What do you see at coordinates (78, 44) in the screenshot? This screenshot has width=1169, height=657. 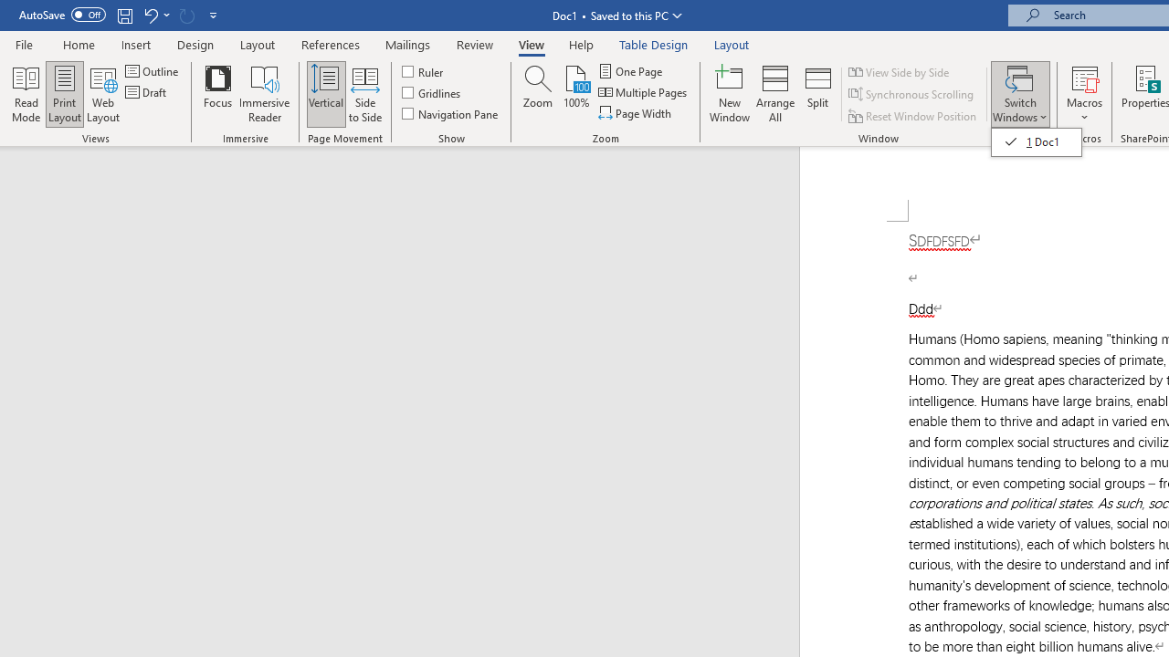 I see `'Home'` at bounding box center [78, 44].